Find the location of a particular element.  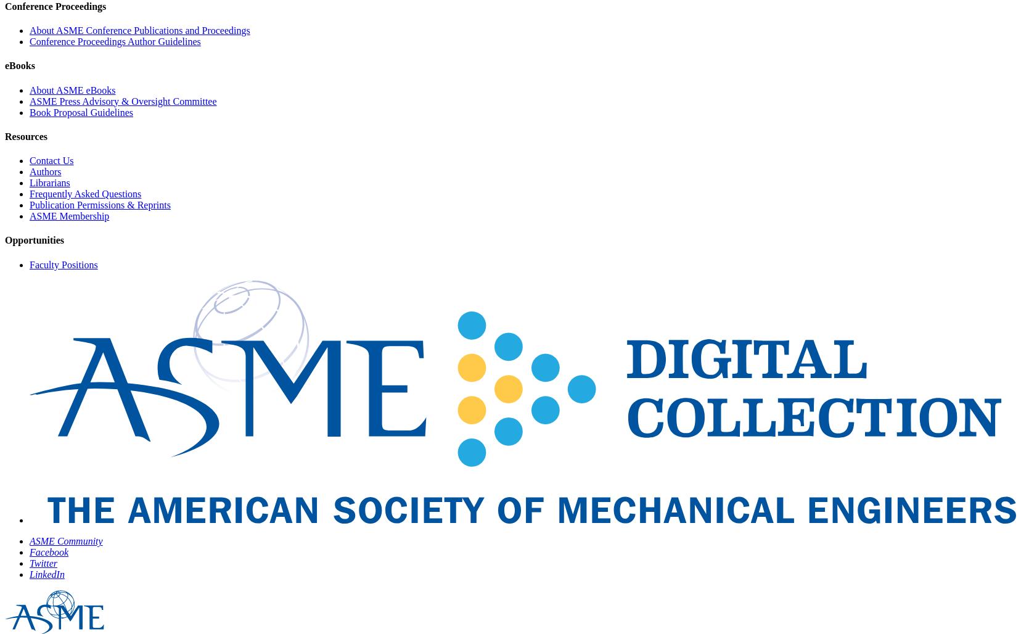

'Twitter' is located at coordinates (43, 563).